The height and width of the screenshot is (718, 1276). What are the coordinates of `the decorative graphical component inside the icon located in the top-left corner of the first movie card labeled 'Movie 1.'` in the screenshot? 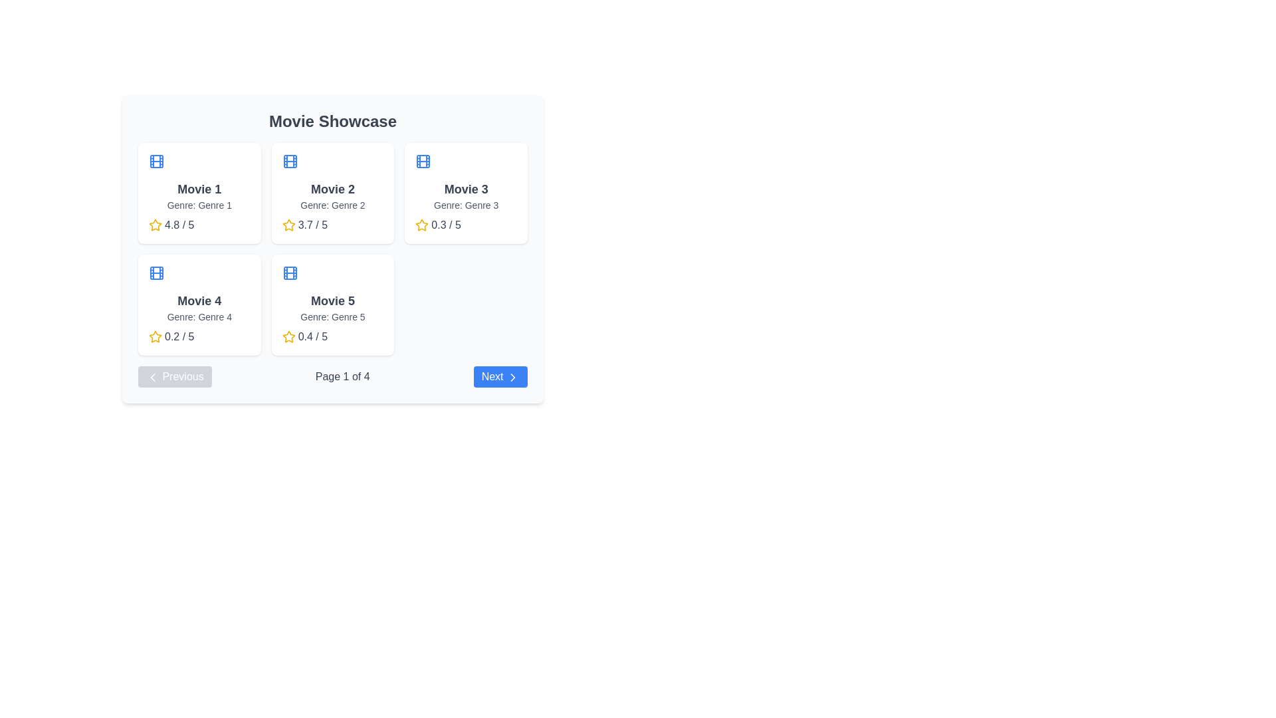 It's located at (156, 161).